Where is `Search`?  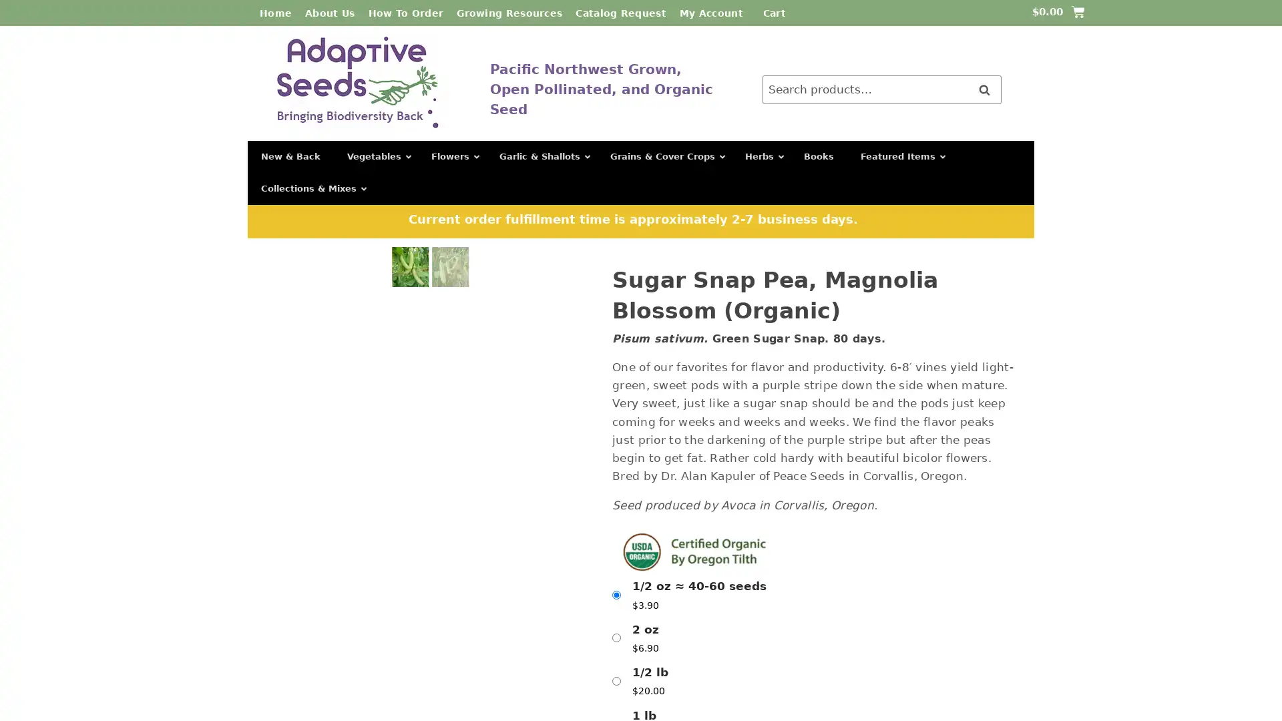 Search is located at coordinates (984, 89).